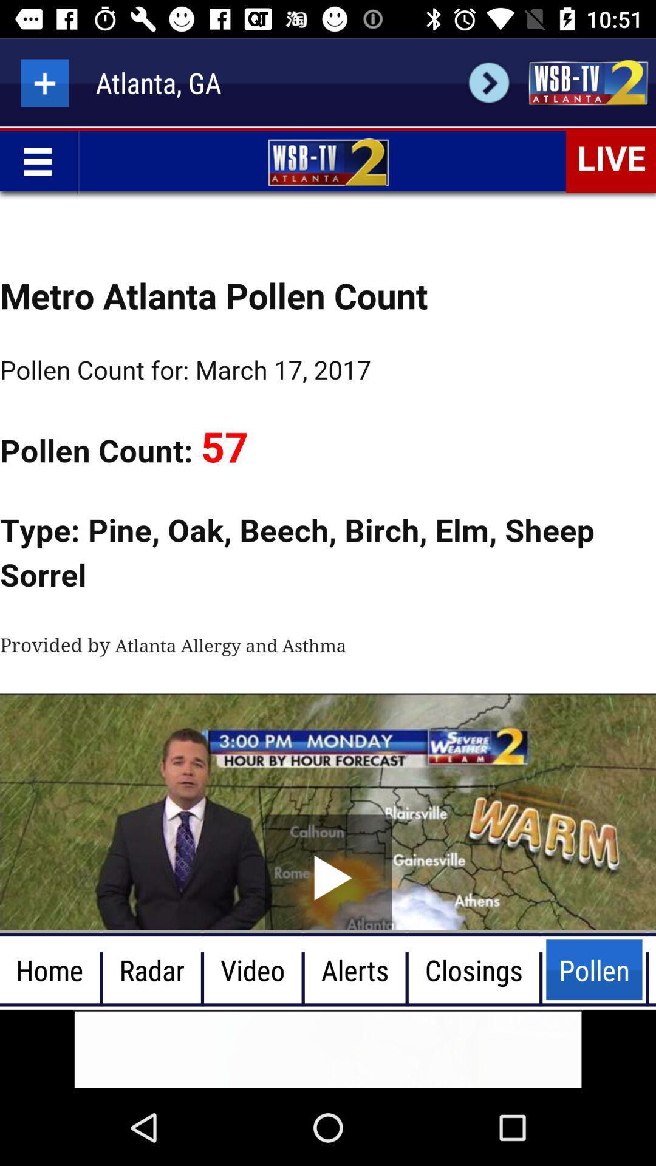 Image resolution: width=656 pixels, height=1166 pixels. What do you see at coordinates (44, 82) in the screenshot?
I see `increase` at bounding box center [44, 82].